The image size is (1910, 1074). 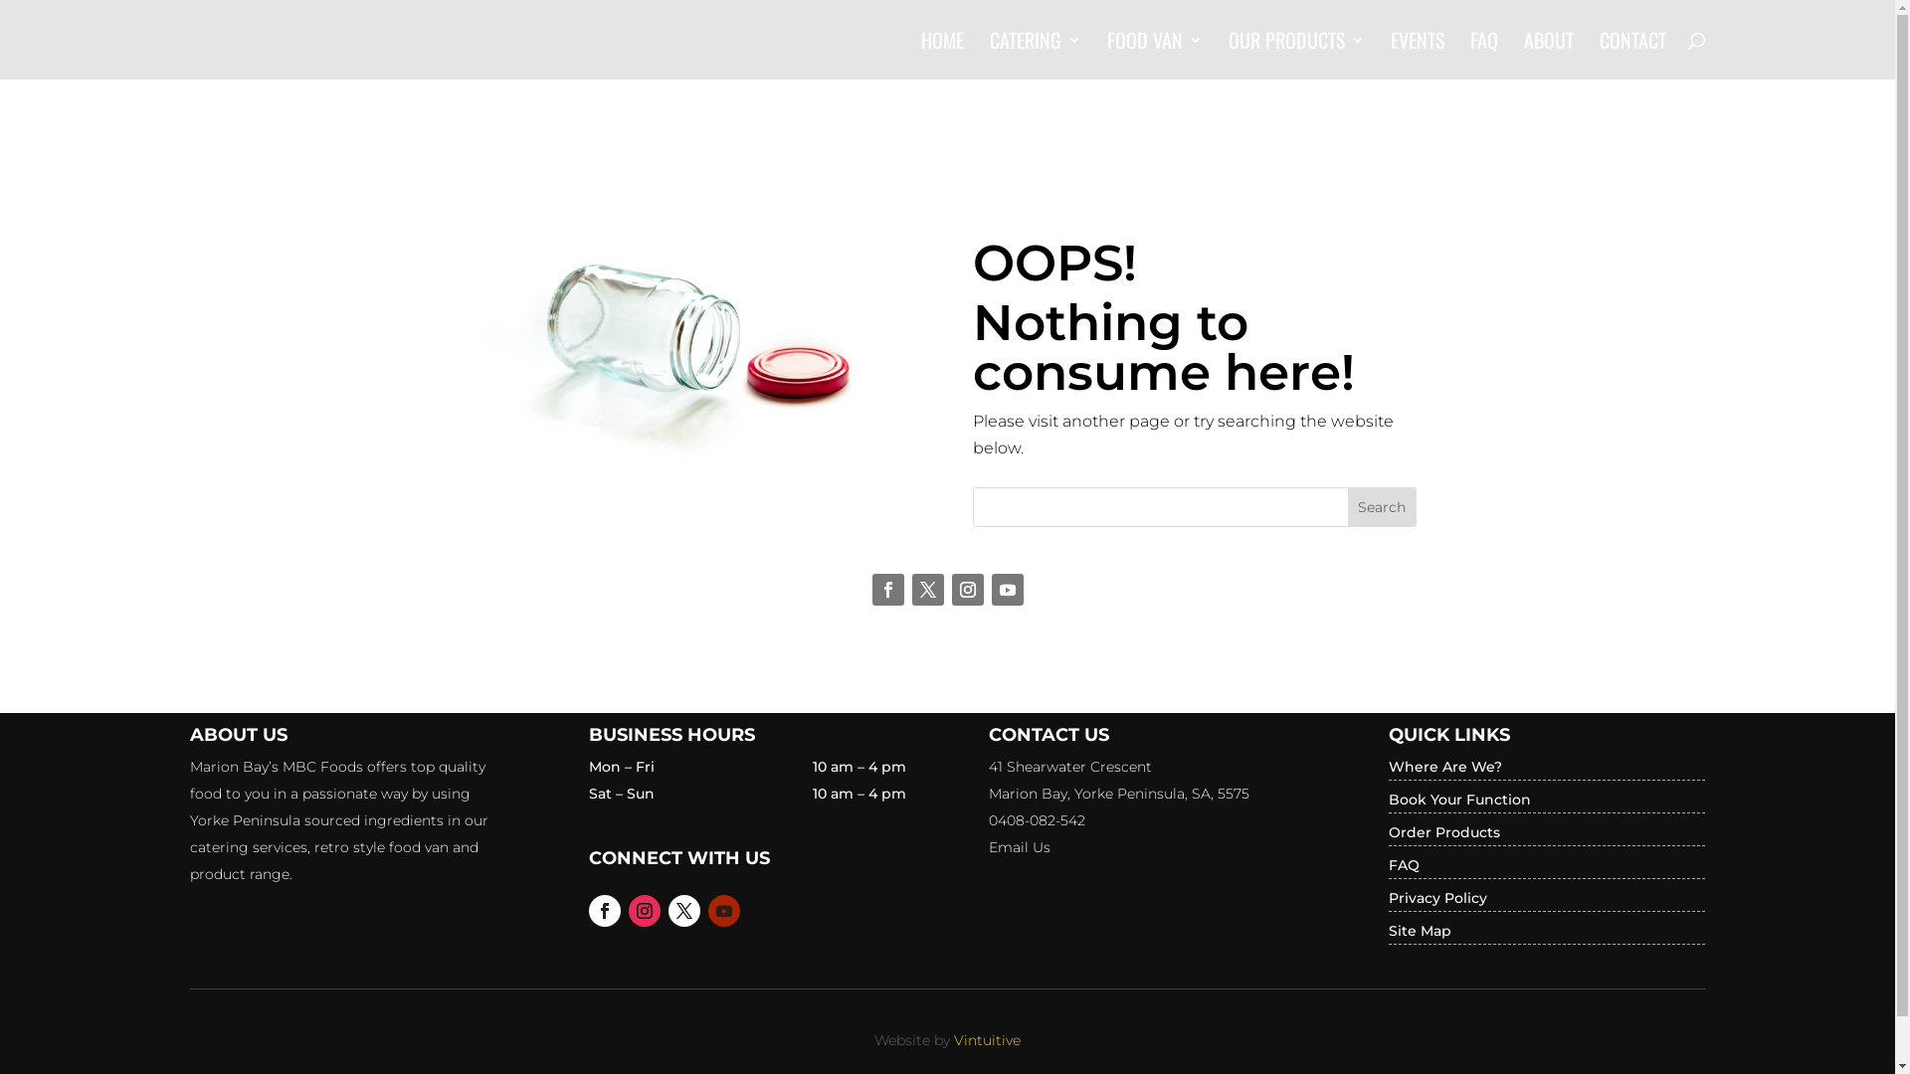 I want to click on 'FAQ', so click(x=1470, y=55).